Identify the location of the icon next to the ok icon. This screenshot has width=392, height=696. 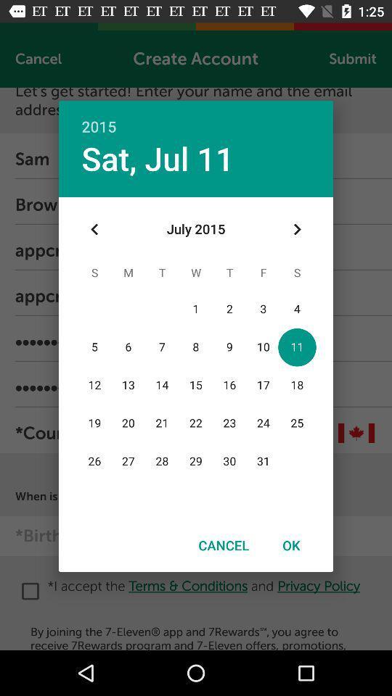
(224, 544).